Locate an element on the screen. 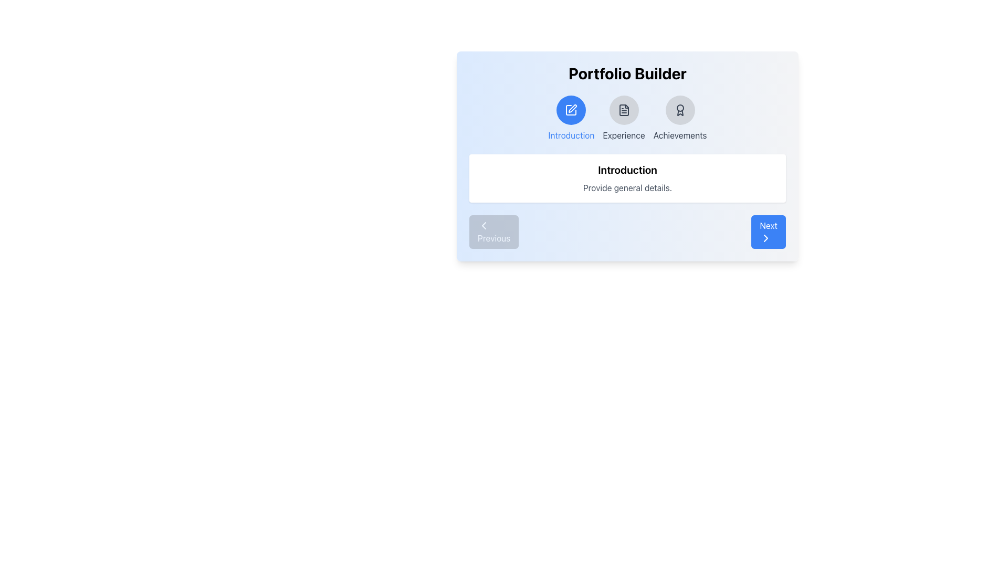 This screenshot has width=1008, height=567. the 'Achievements' menu item button located in the portfolio builder interface is located at coordinates (680, 118).